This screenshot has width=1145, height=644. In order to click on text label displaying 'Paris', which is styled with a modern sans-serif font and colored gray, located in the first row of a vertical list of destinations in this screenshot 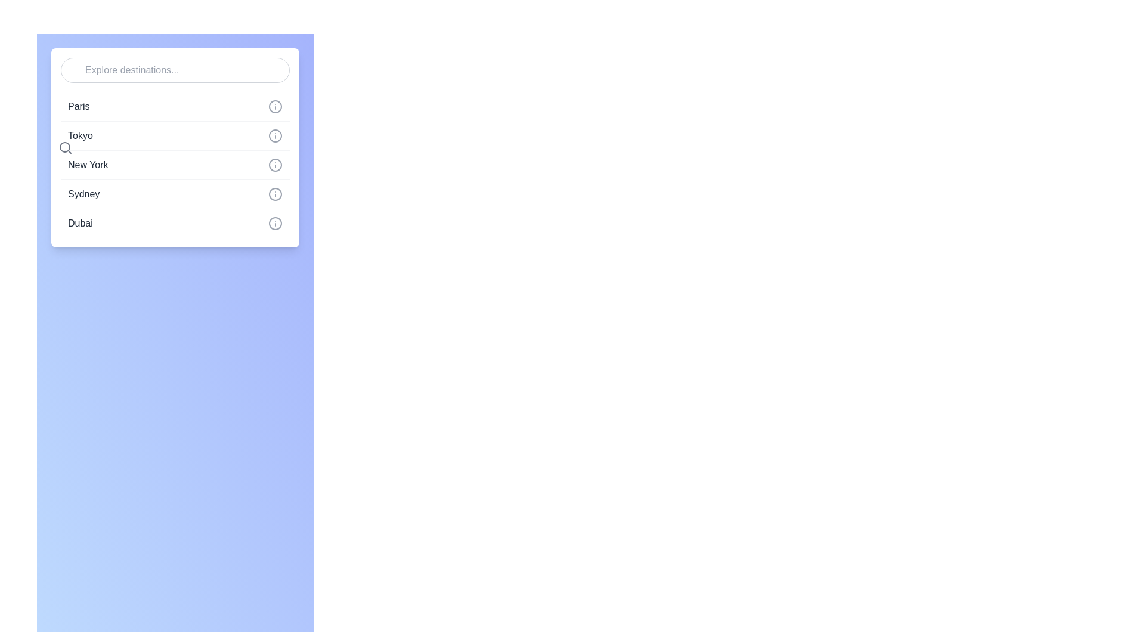, I will do `click(78, 106)`.